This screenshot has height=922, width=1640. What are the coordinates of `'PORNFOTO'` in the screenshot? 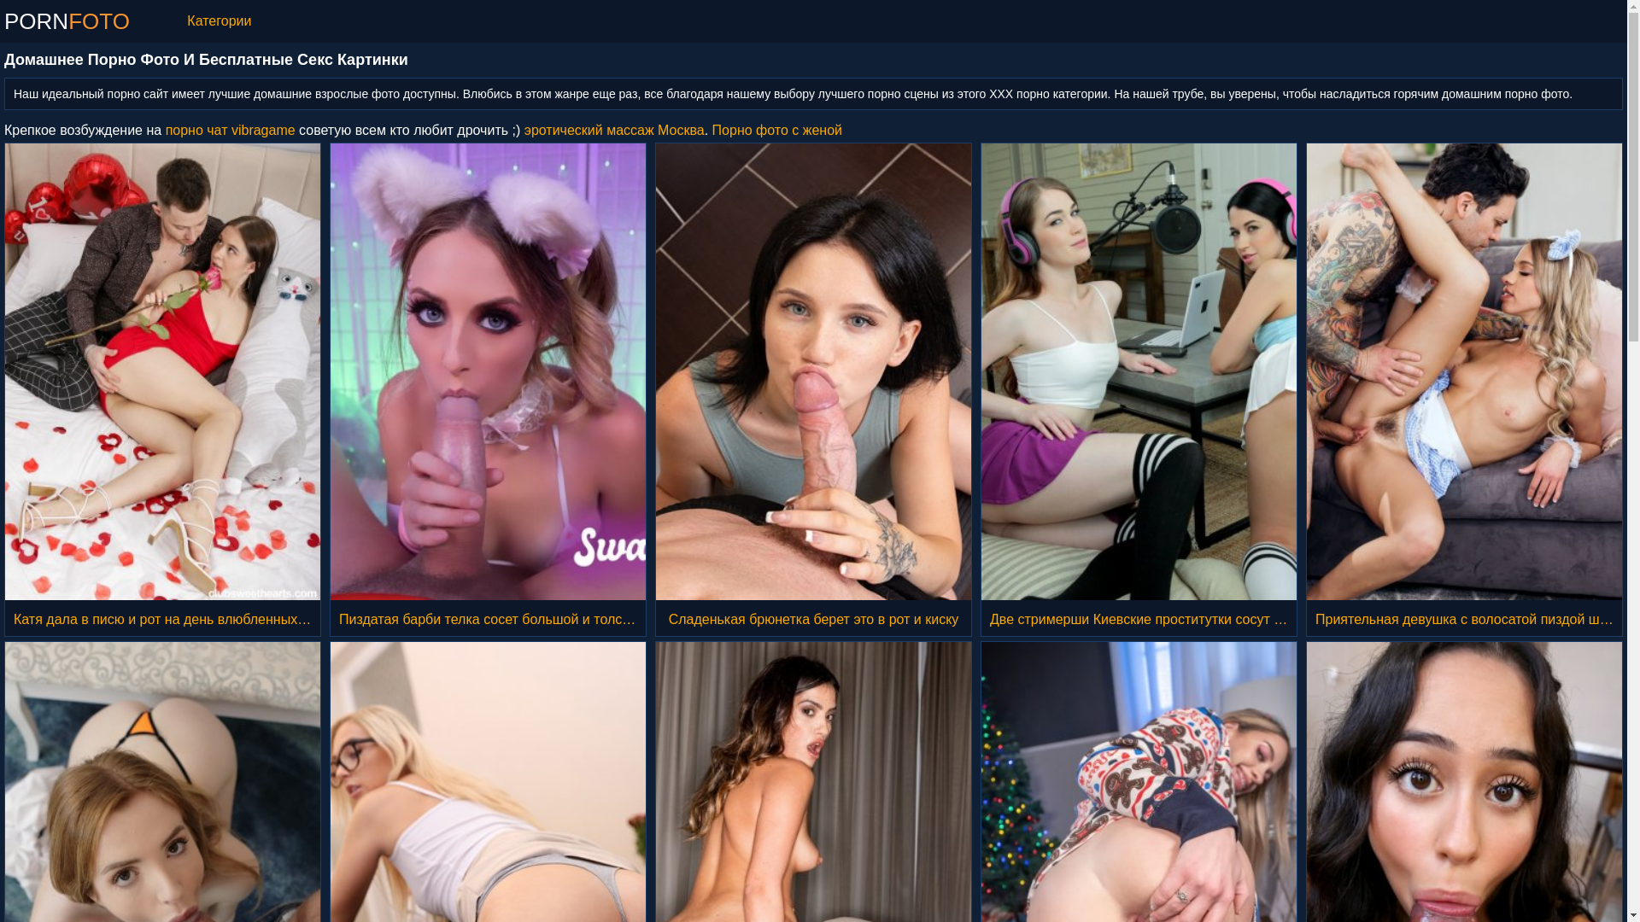 It's located at (67, 20).